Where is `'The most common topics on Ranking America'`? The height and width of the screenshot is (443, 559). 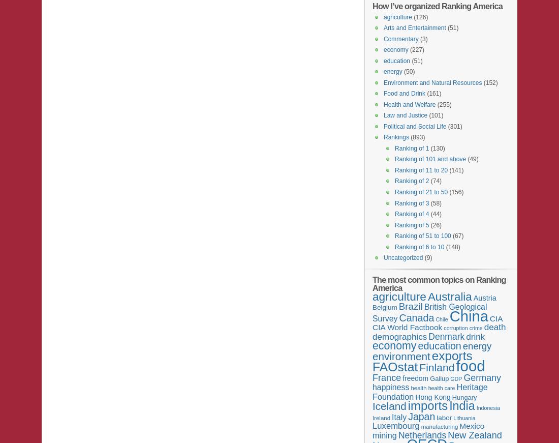 'The most common topics on Ranking America' is located at coordinates (439, 283).